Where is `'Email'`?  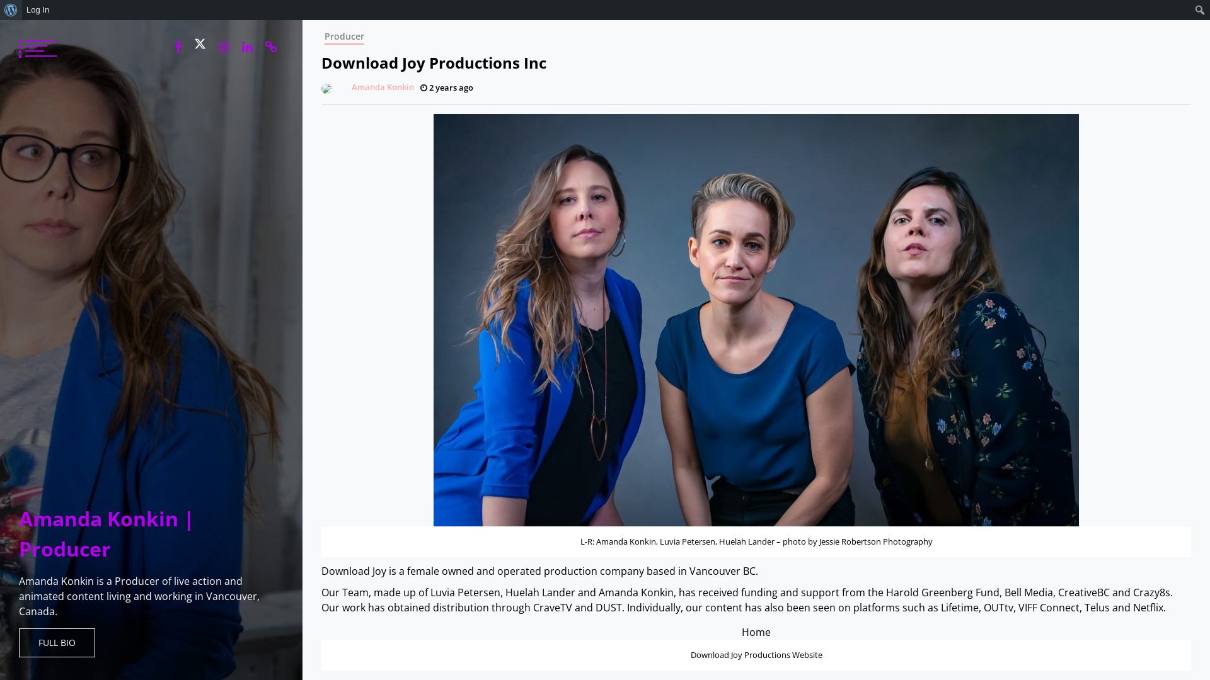 'Email' is located at coordinates (270, 46).